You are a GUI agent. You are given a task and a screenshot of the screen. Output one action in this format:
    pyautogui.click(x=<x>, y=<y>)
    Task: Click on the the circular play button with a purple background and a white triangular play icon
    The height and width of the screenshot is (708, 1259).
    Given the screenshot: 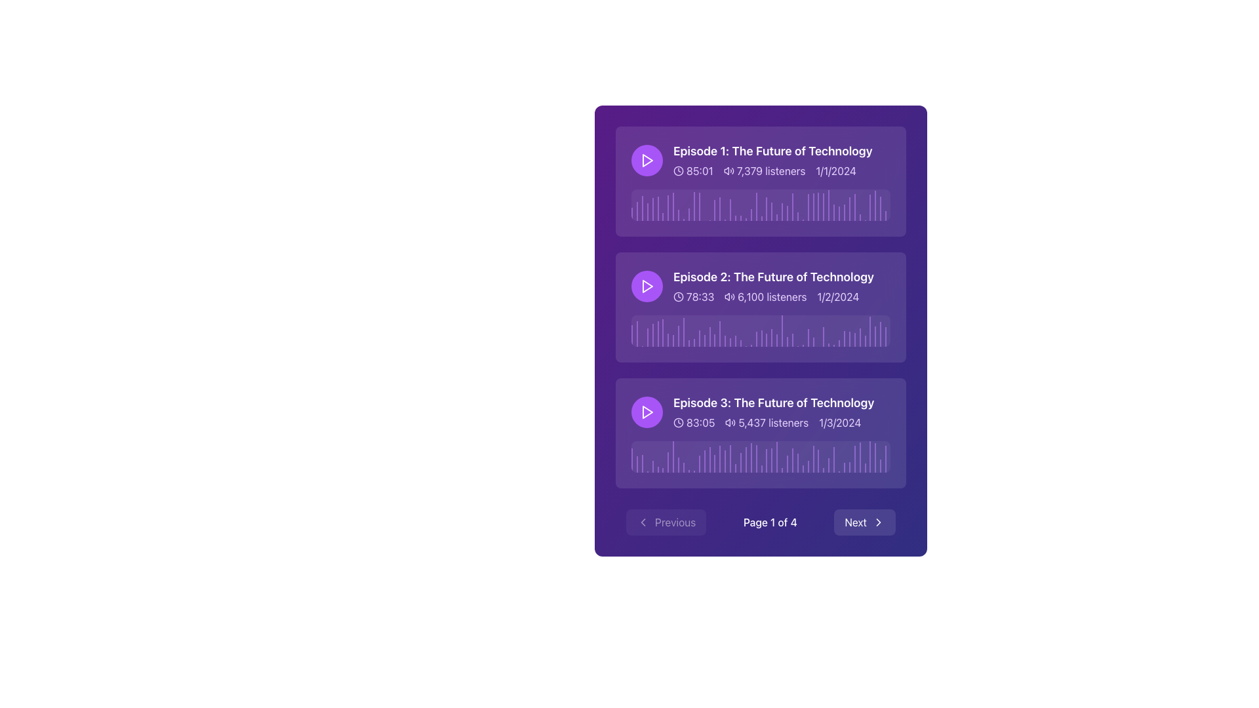 What is the action you would take?
    pyautogui.click(x=647, y=411)
    